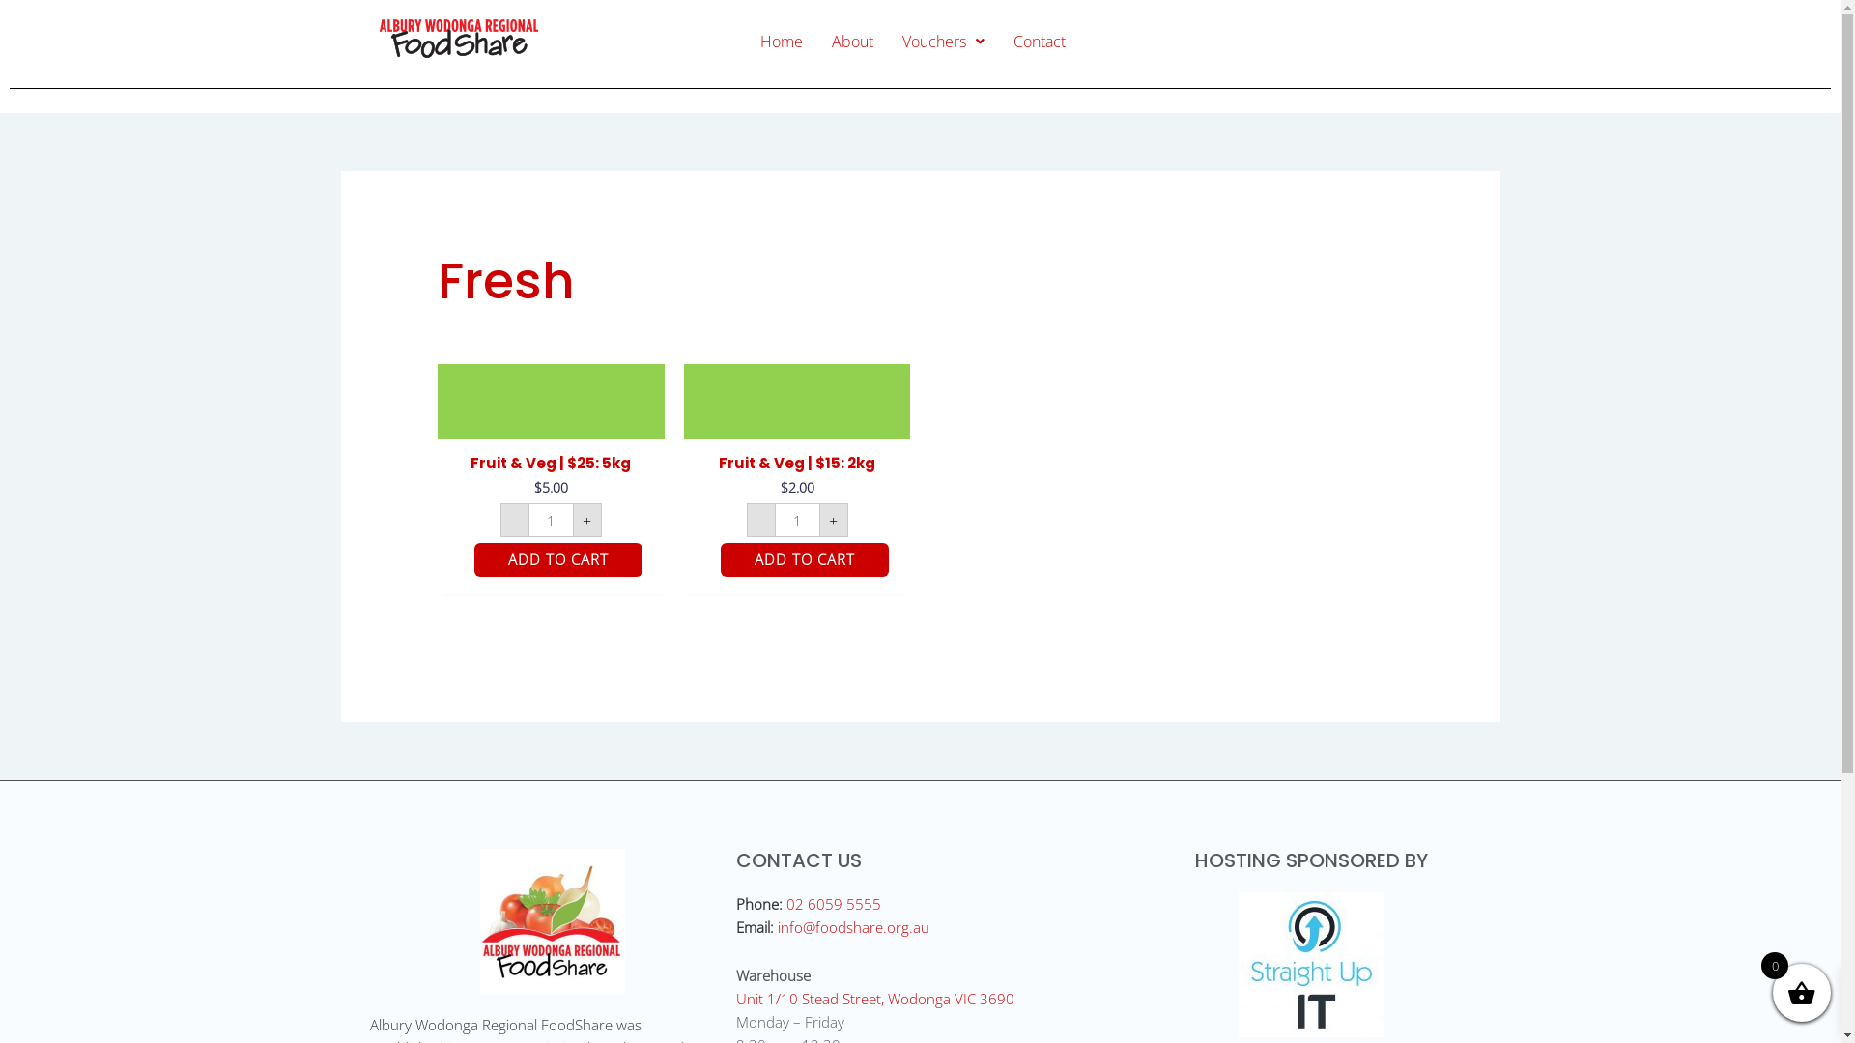 The image size is (1855, 1043). Describe the element at coordinates (718, 466) in the screenshot. I see `'Fruit & Veg | $15: 2kg'` at that location.